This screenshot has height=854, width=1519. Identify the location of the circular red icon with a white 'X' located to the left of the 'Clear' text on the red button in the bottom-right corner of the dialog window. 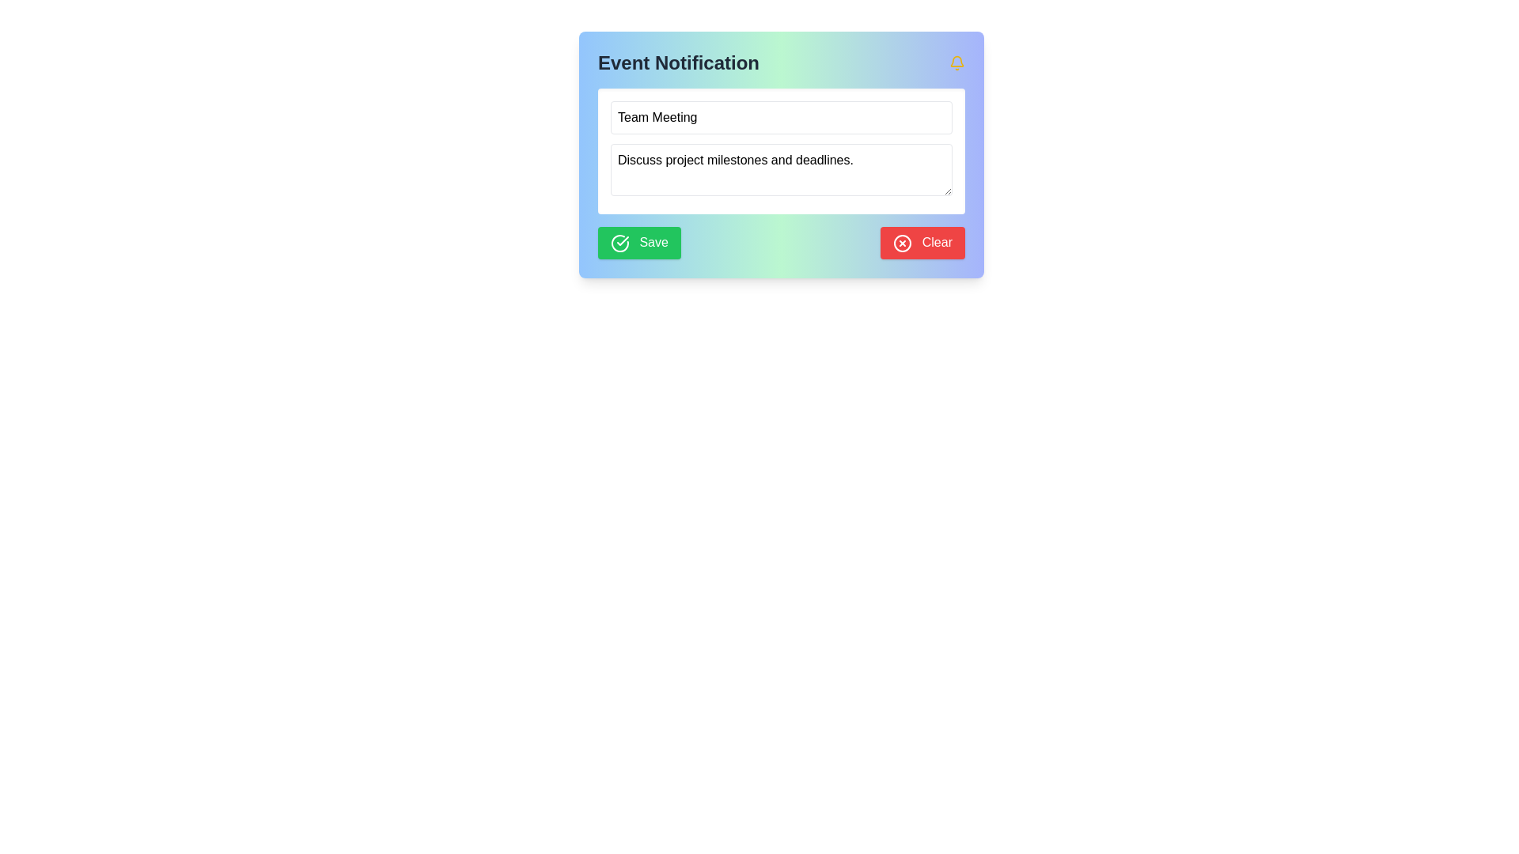
(903, 243).